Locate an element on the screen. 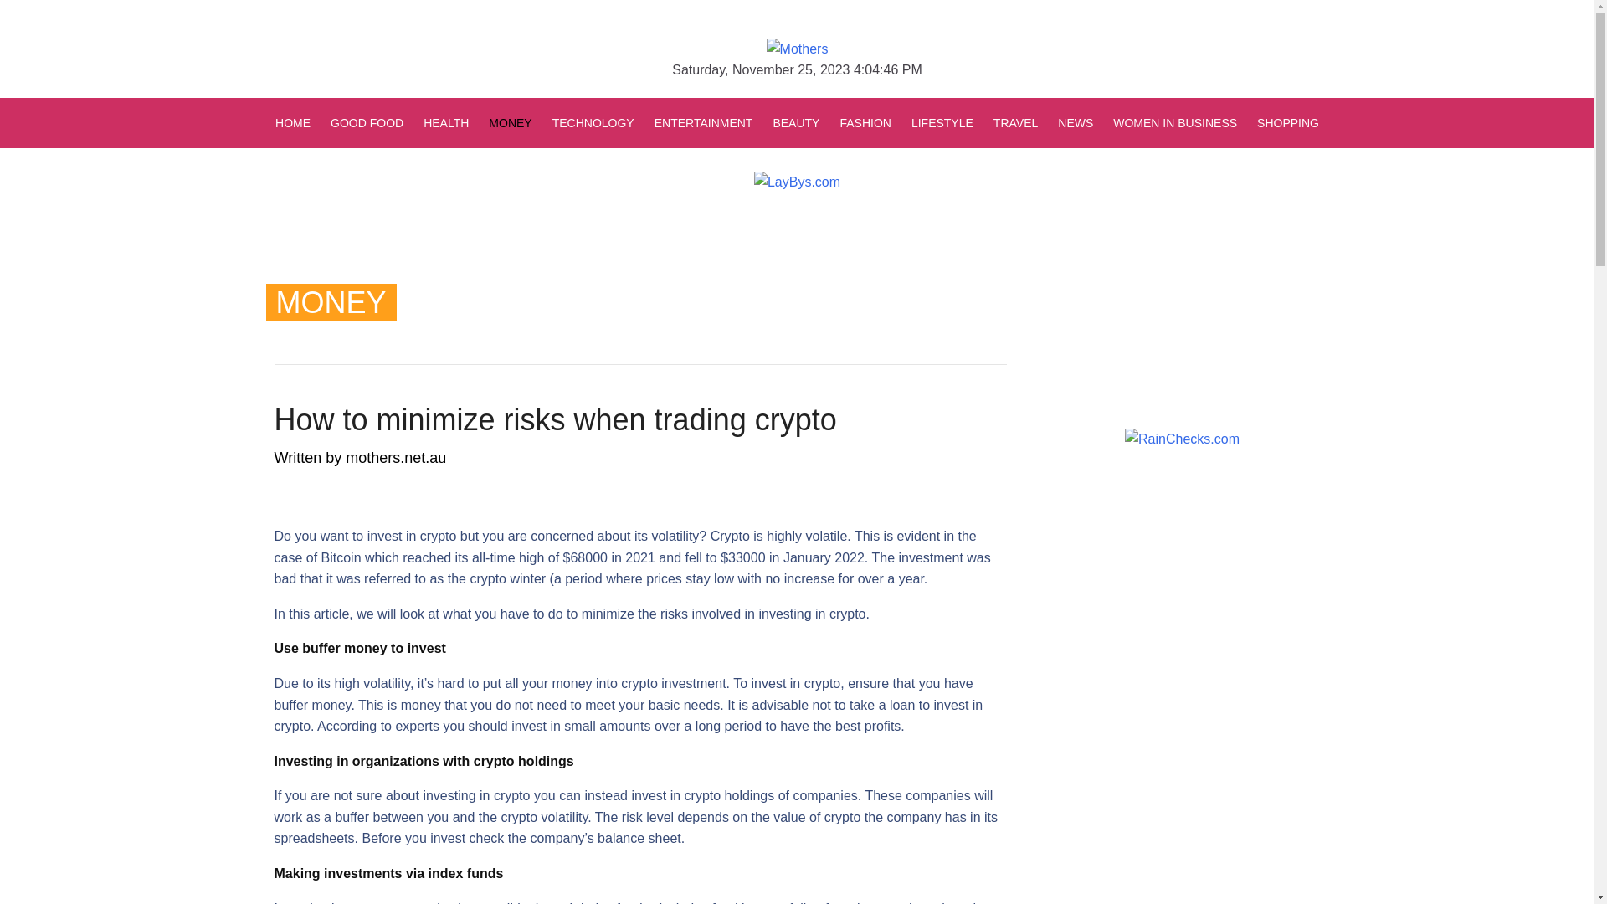 The width and height of the screenshot is (1607, 904). 'HOME' is located at coordinates (297, 121).